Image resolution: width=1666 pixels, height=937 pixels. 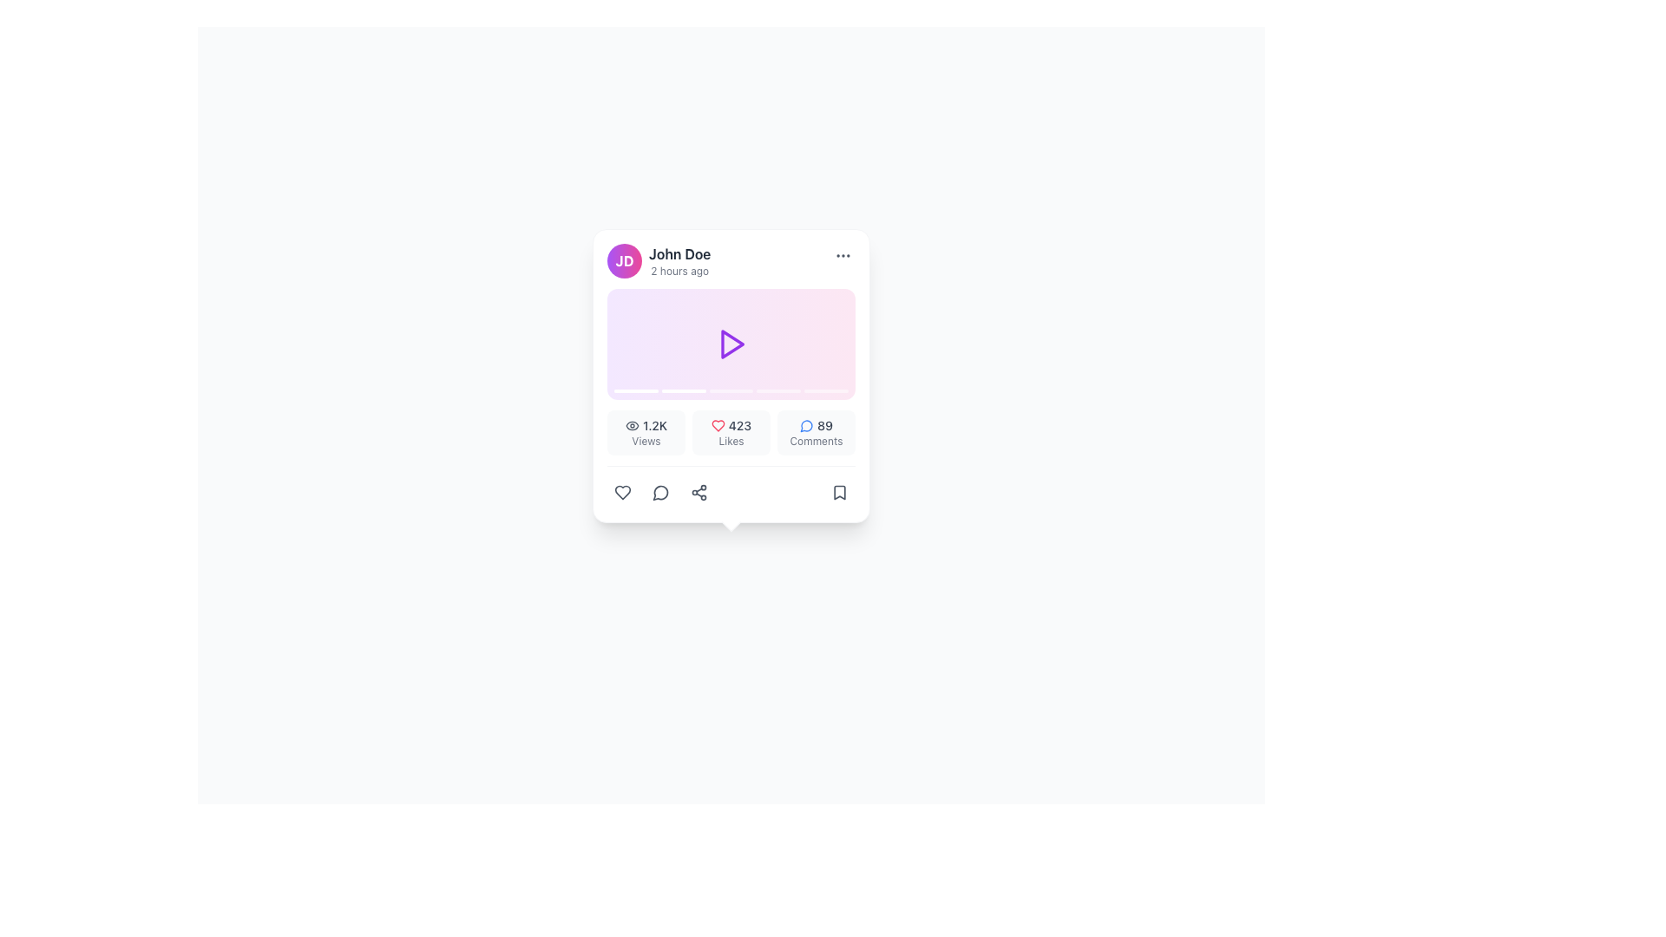 What do you see at coordinates (645, 431) in the screenshot?
I see `the static informational display showing the view count, located in the leftmost cell of a three-column grid at the bottom of a card-like structure` at bounding box center [645, 431].